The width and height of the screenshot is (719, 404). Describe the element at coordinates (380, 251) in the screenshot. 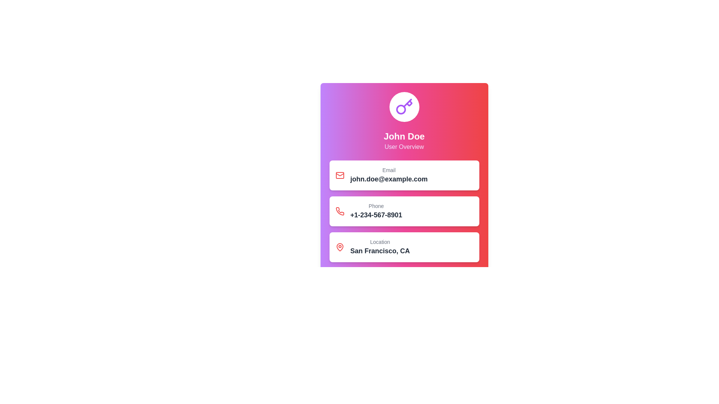

I see `the text component displaying 'San Francisco, CA' which is located within a card layout under the 'Location' label` at that location.